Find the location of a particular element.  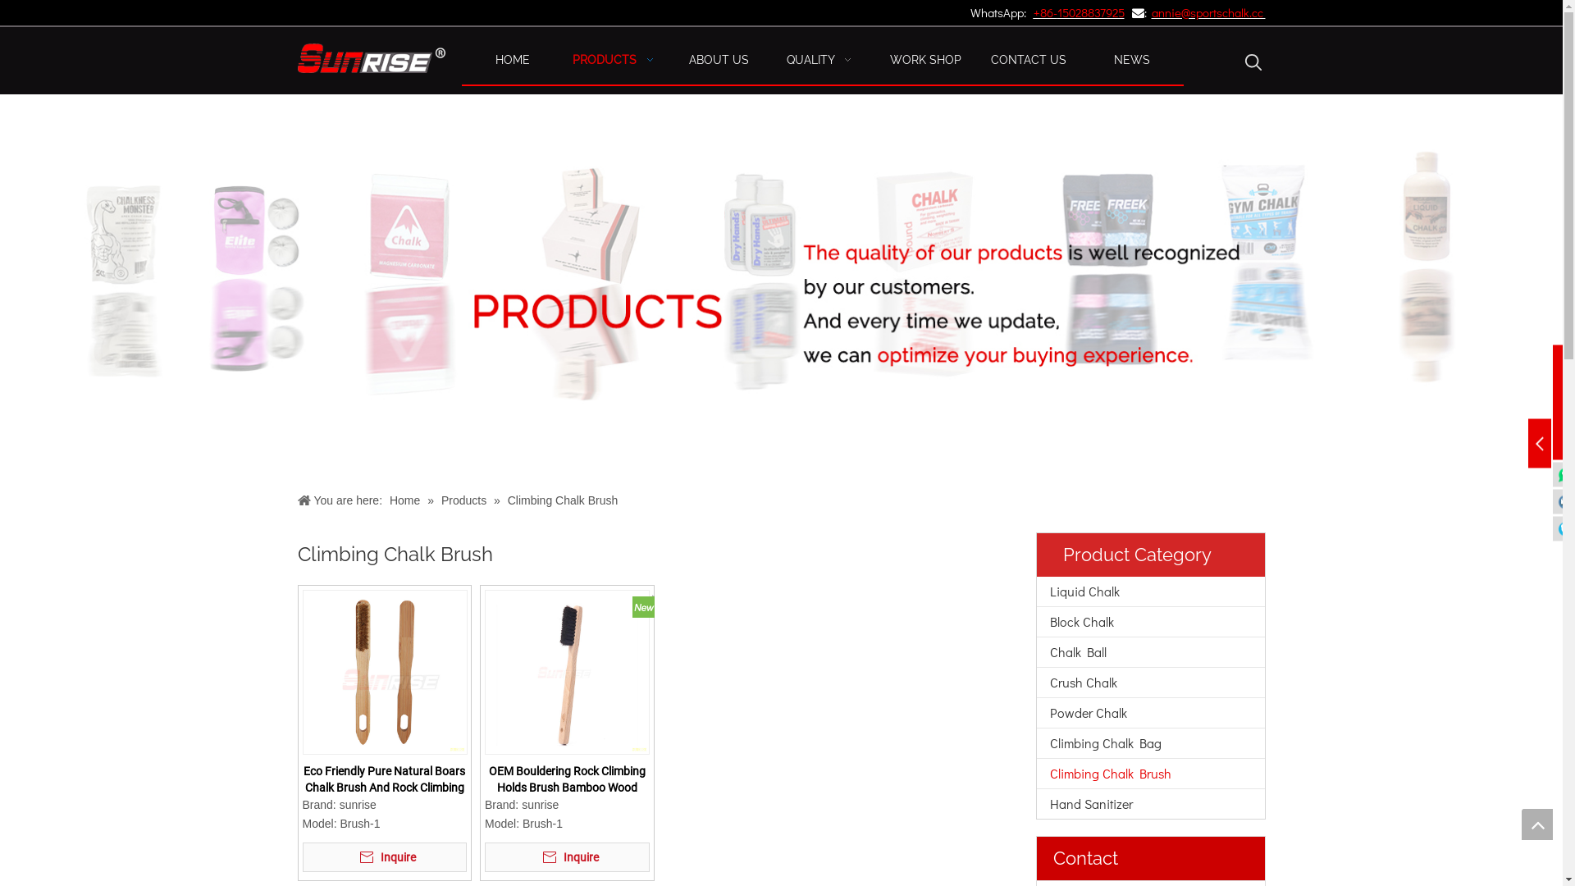

'sunrise-inc-logo' is located at coordinates (369, 57).